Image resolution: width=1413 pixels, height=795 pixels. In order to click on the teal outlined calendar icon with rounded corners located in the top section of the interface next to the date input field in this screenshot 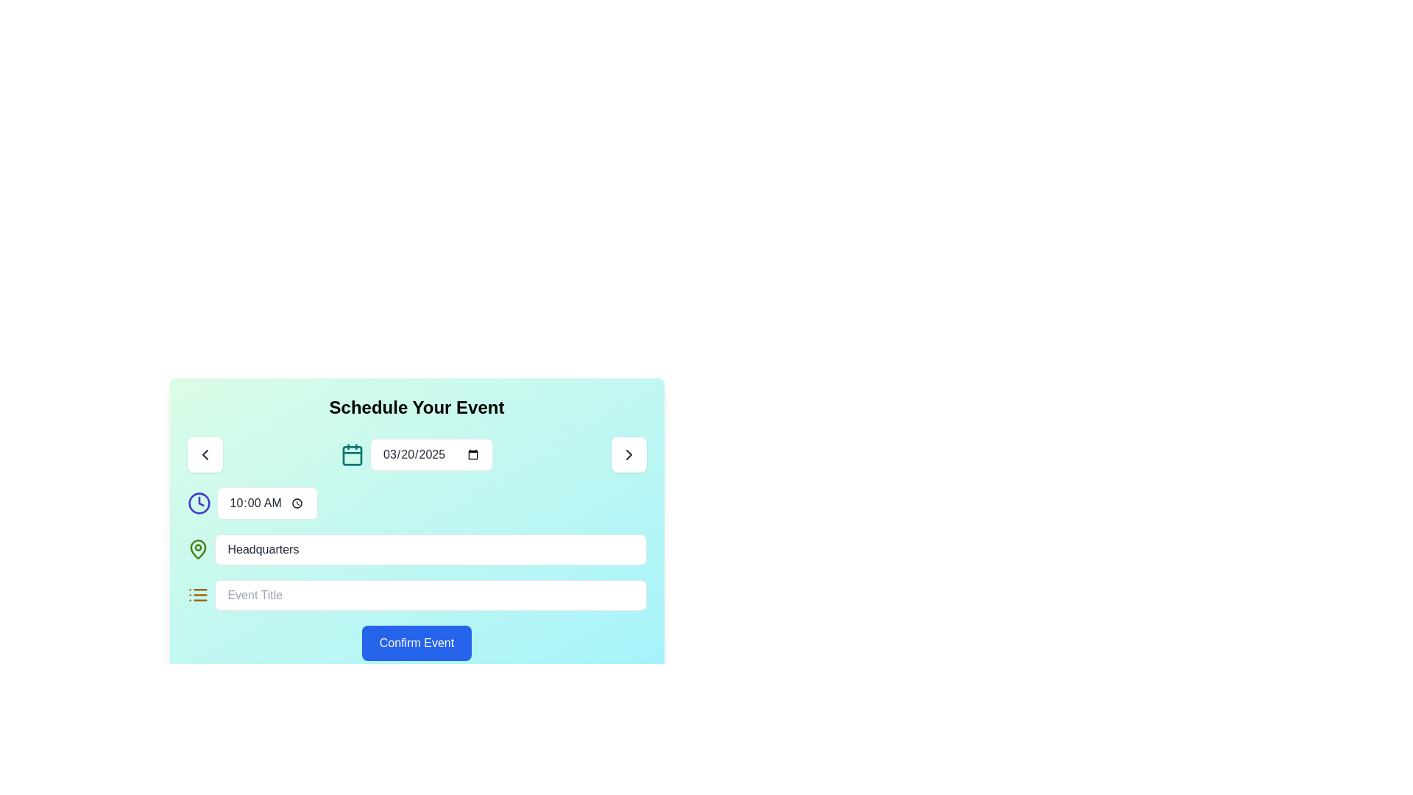, I will do `click(352, 453)`.